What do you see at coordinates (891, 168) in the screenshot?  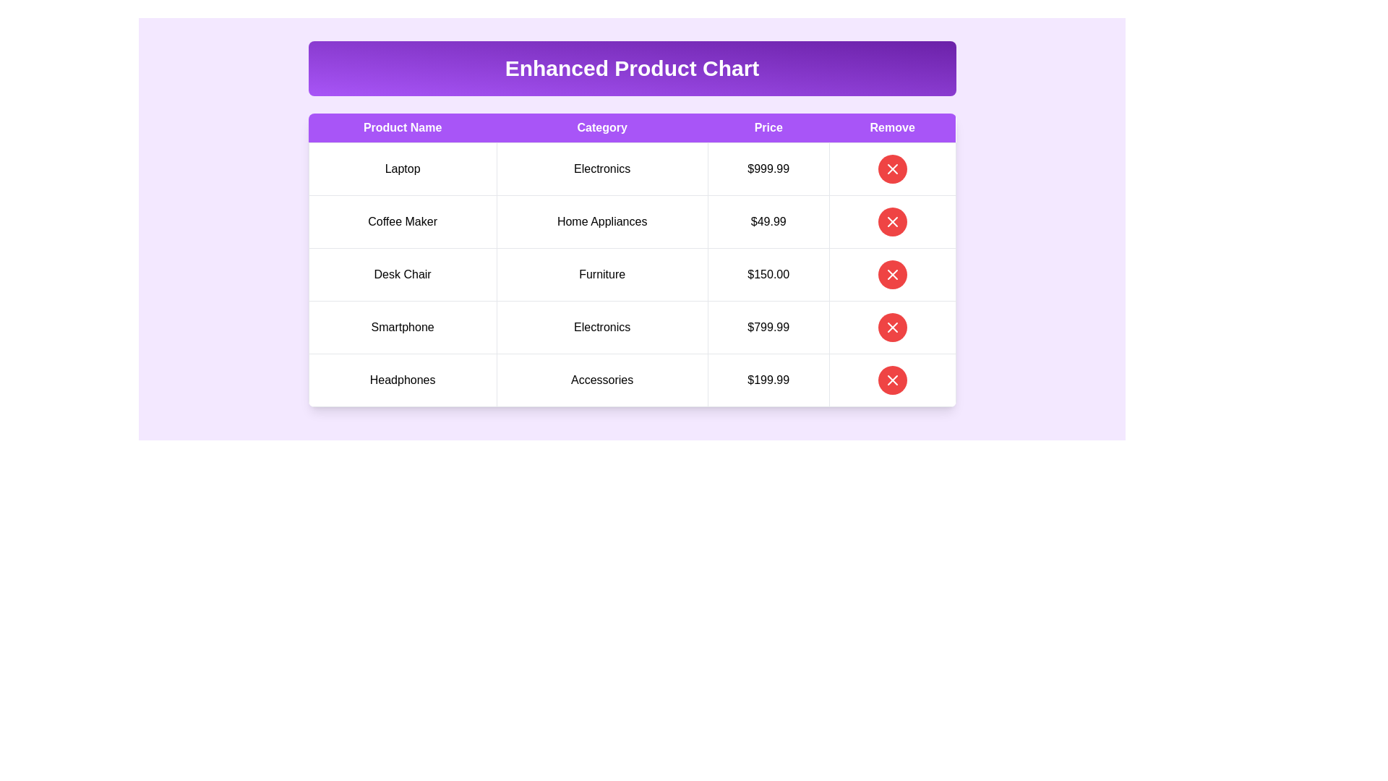 I see `the circular red button with a white 'X' in the top right corner of the product table` at bounding box center [891, 168].